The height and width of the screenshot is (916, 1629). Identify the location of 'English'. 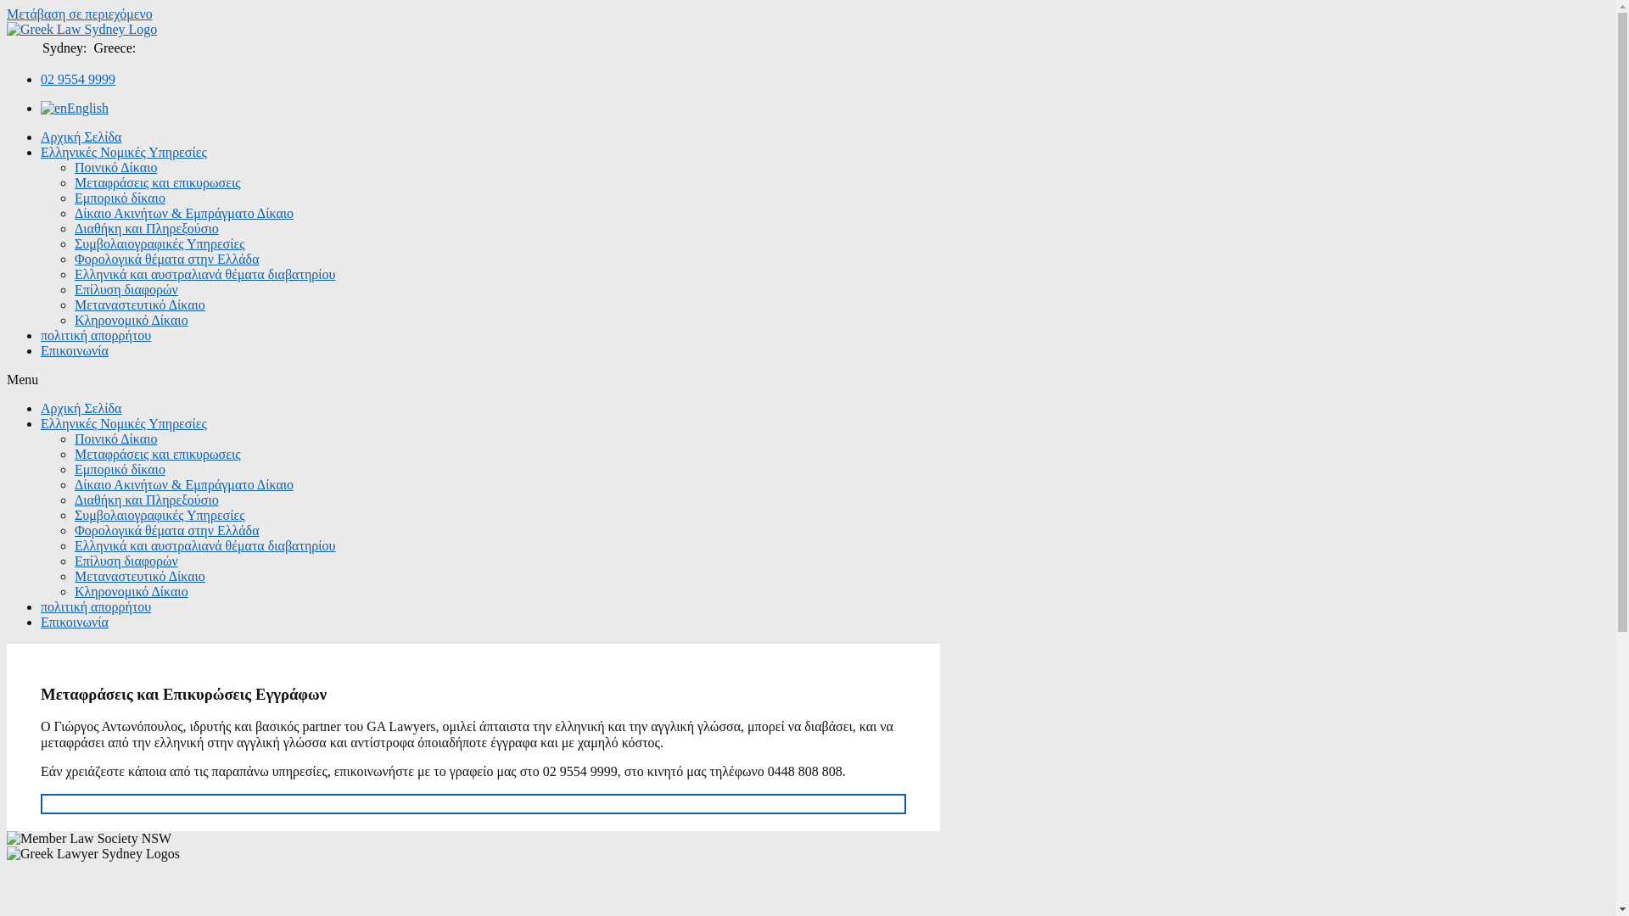
(73, 108).